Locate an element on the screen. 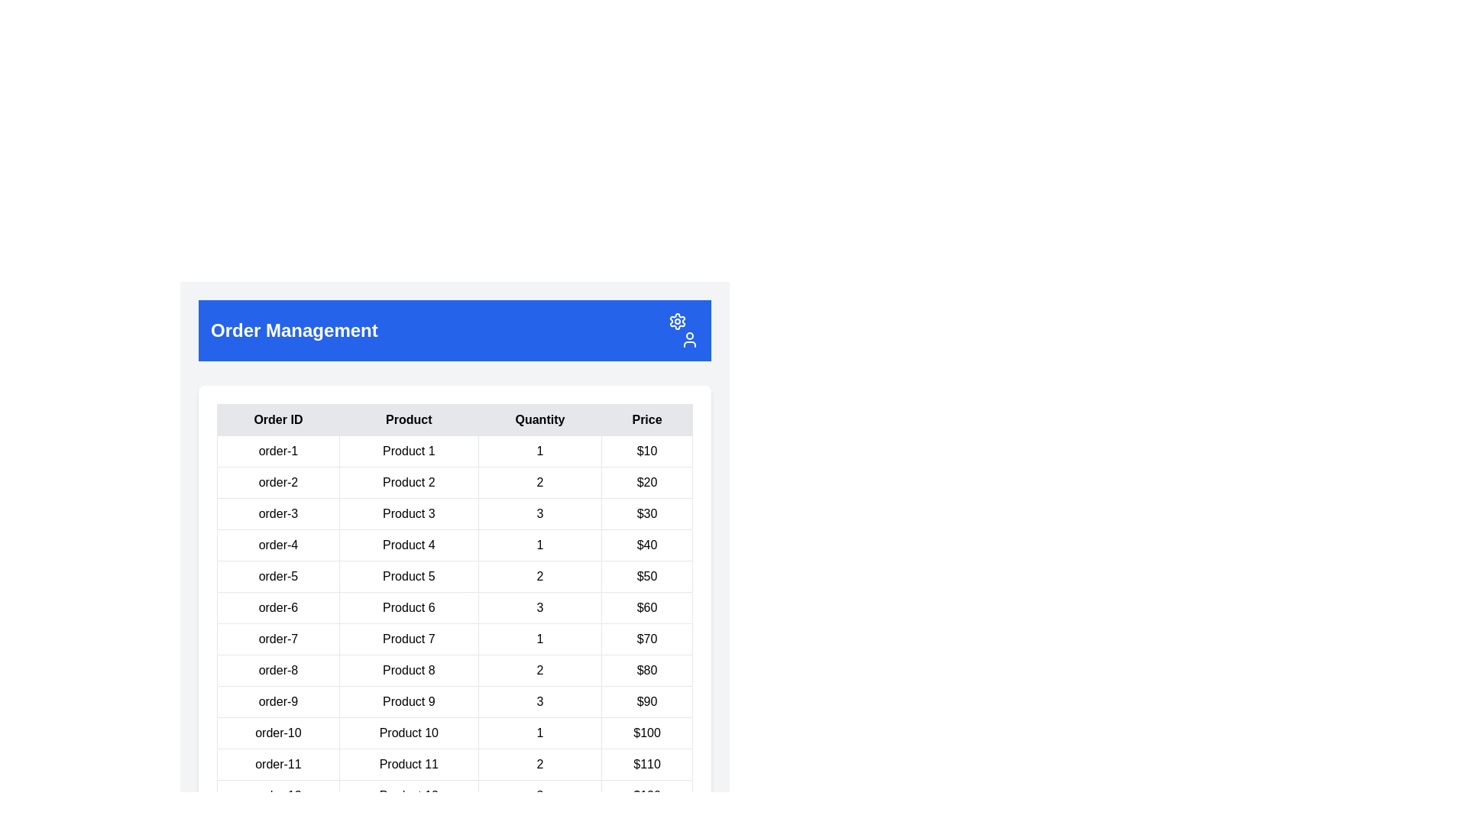  the static text label displaying 'Product 4' within a bordered box in the fourth row of the table is located at coordinates (409, 544).